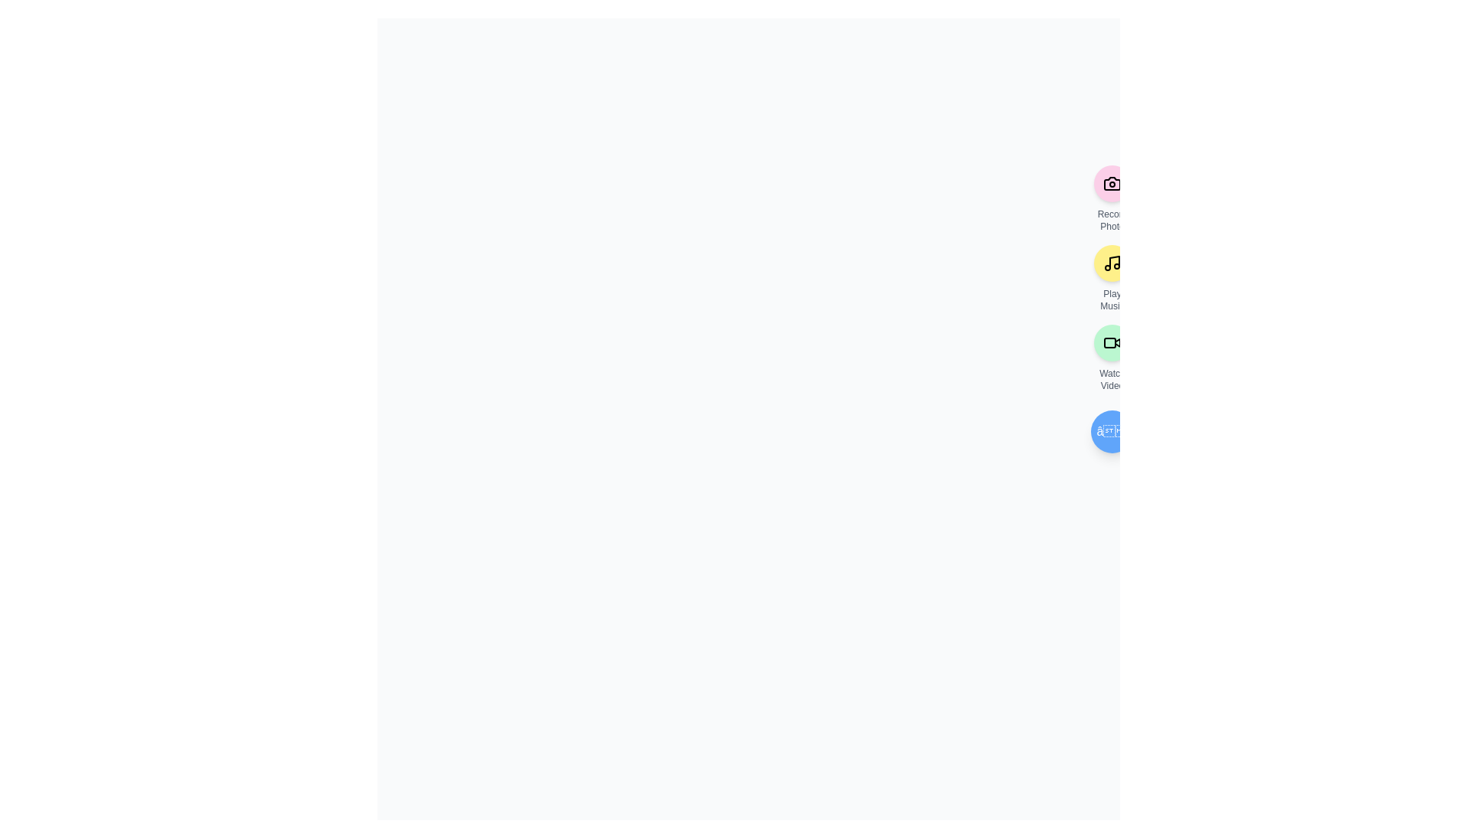 The image size is (1470, 827). Describe the element at coordinates (1112, 431) in the screenshot. I see `the main speed dial button to toggle its state` at that location.